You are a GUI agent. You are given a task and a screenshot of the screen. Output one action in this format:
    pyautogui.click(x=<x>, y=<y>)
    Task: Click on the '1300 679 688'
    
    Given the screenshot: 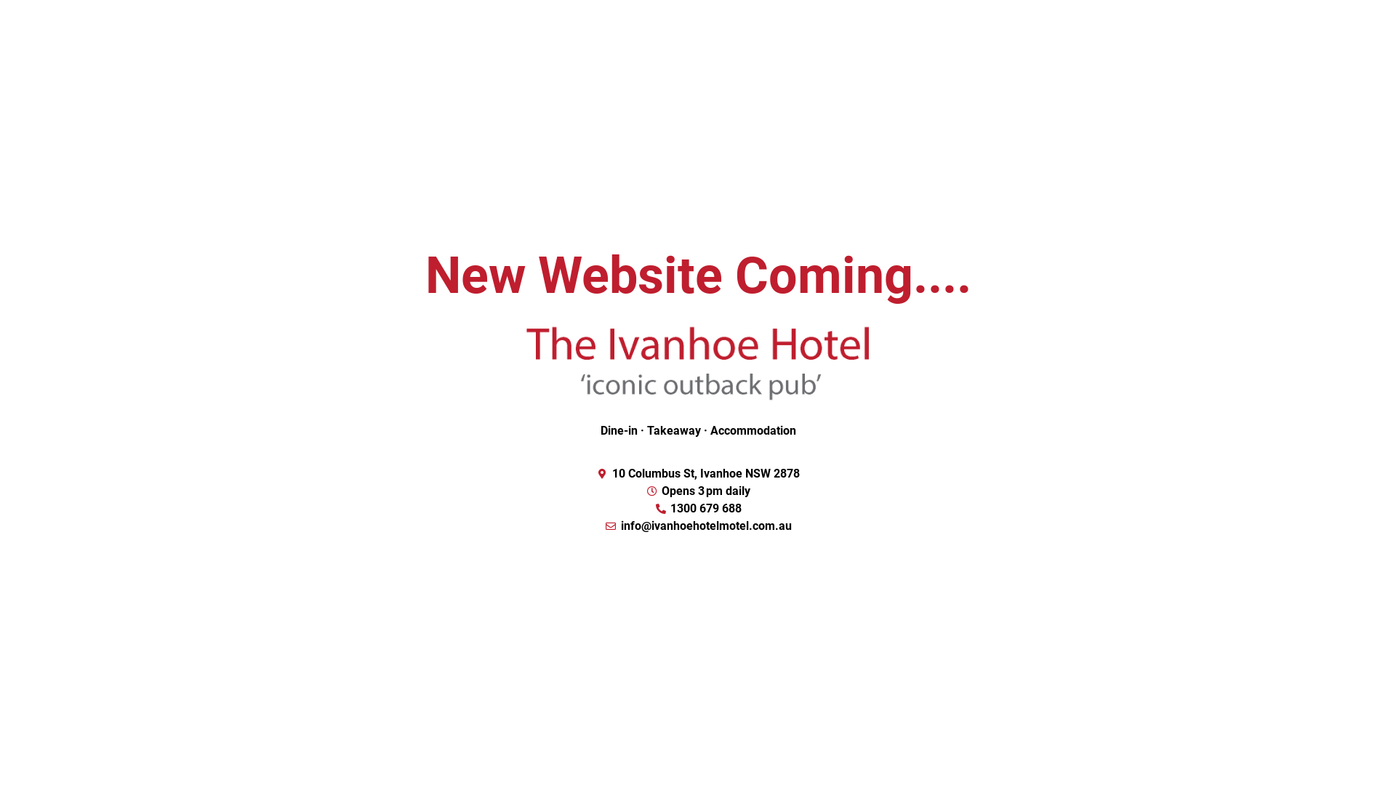 What is the action you would take?
    pyautogui.click(x=698, y=507)
    